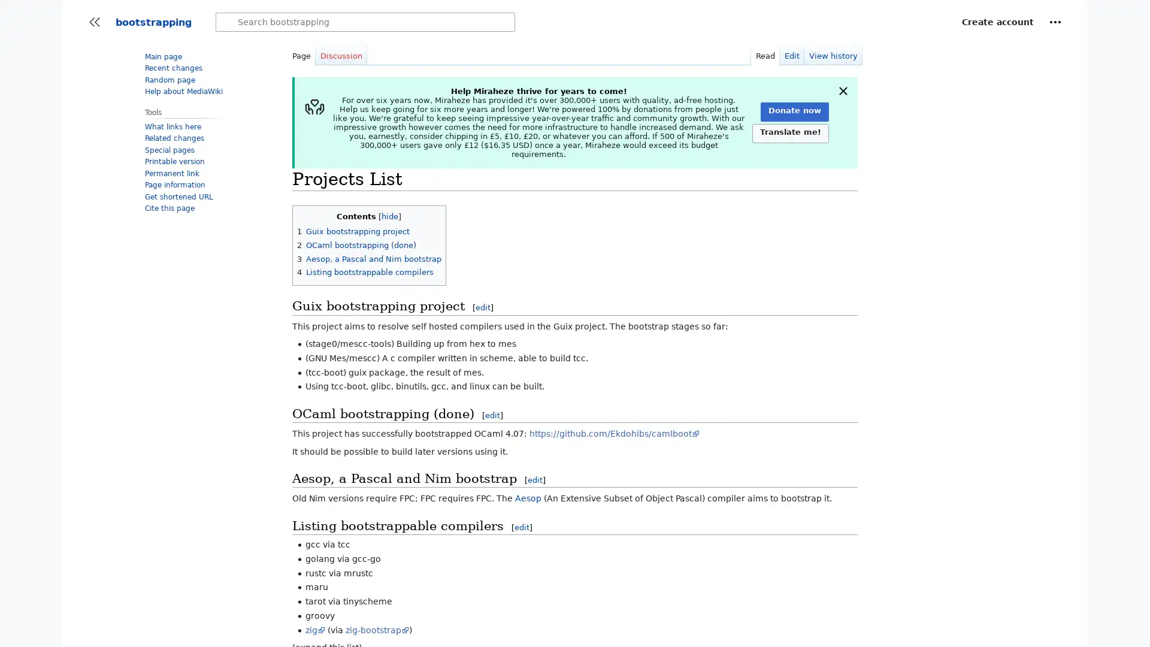 Image resolution: width=1150 pixels, height=647 pixels. I want to click on Go, so click(227, 22).